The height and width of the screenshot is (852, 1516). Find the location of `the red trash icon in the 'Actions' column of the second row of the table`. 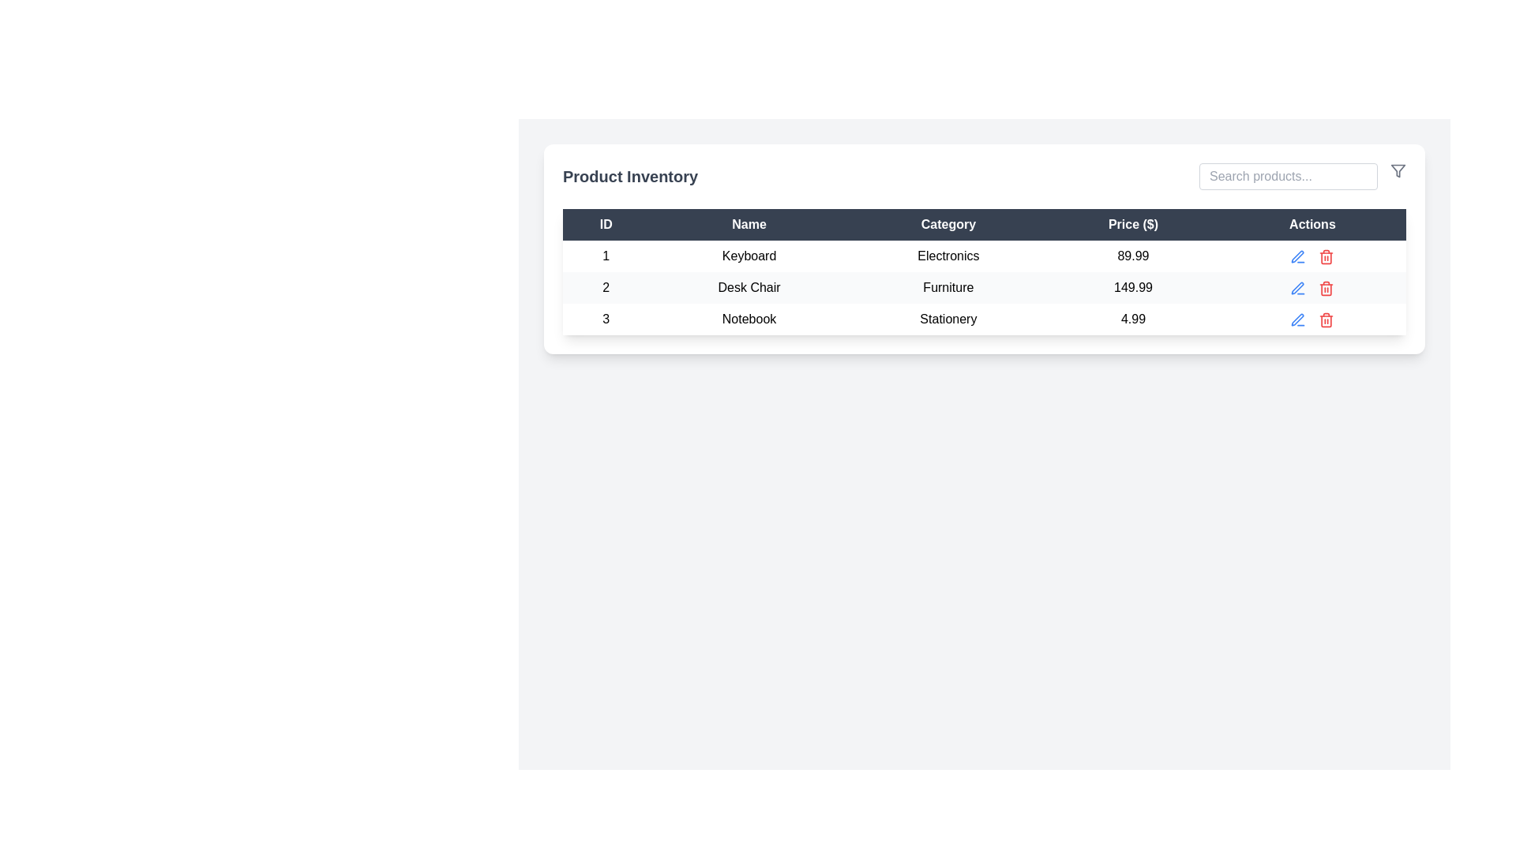

the red trash icon in the 'Actions' column of the second row of the table is located at coordinates (1326, 288).